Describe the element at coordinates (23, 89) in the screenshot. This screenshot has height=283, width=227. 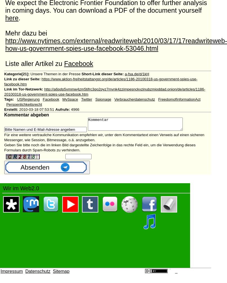
I see `'Link im Tor-Netzwerk:'` at that location.